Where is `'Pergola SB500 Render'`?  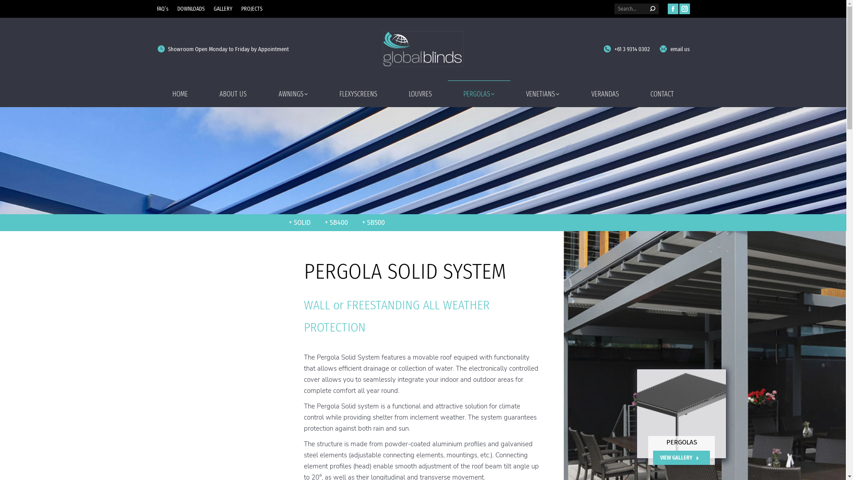
'Pergola SB500 Render' is located at coordinates (637, 413).